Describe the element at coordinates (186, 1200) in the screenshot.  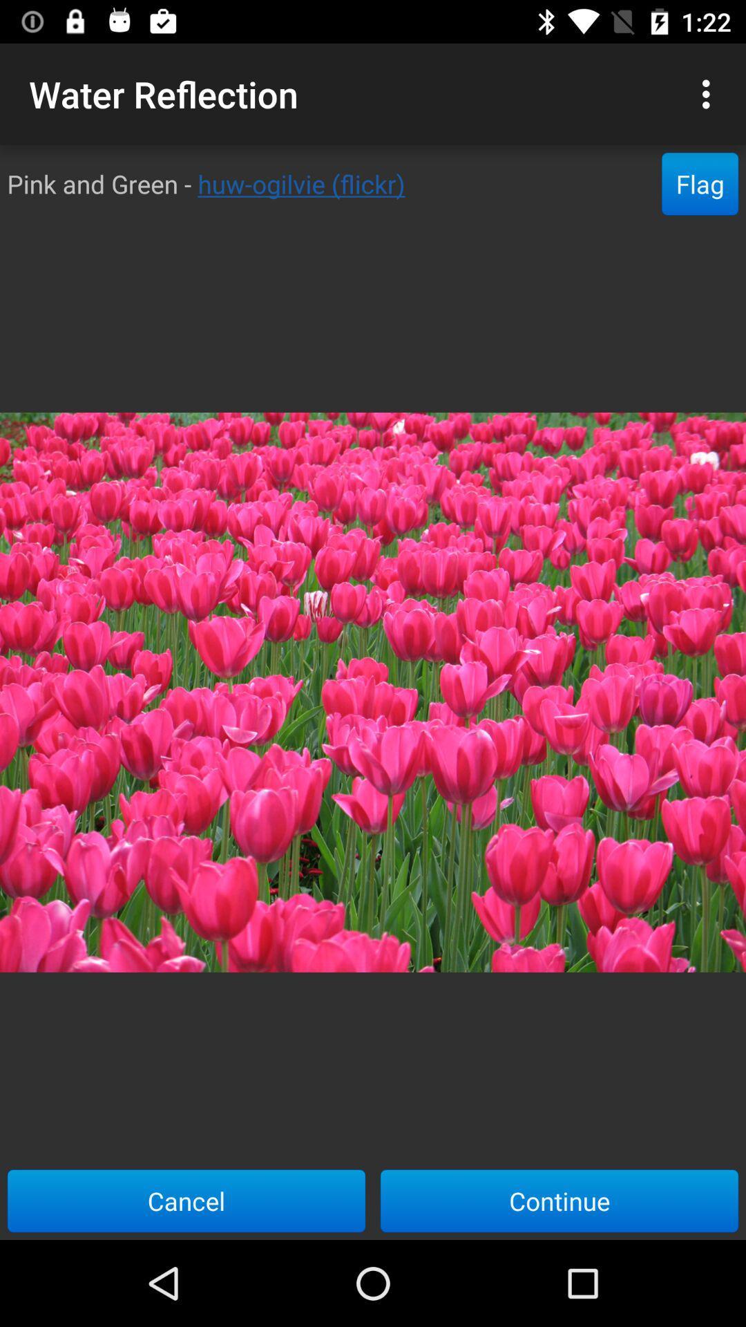
I see `cancel icon` at that location.